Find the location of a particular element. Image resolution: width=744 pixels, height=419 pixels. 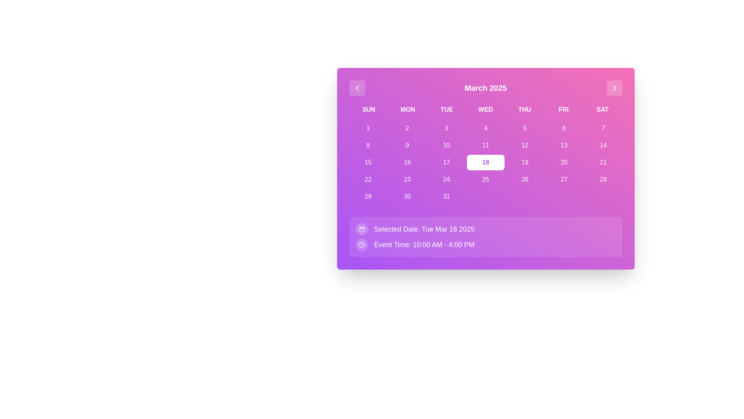

the button displaying '25' in the fifth row and fifth column of the calendar grid is located at coordinates (485, 179).